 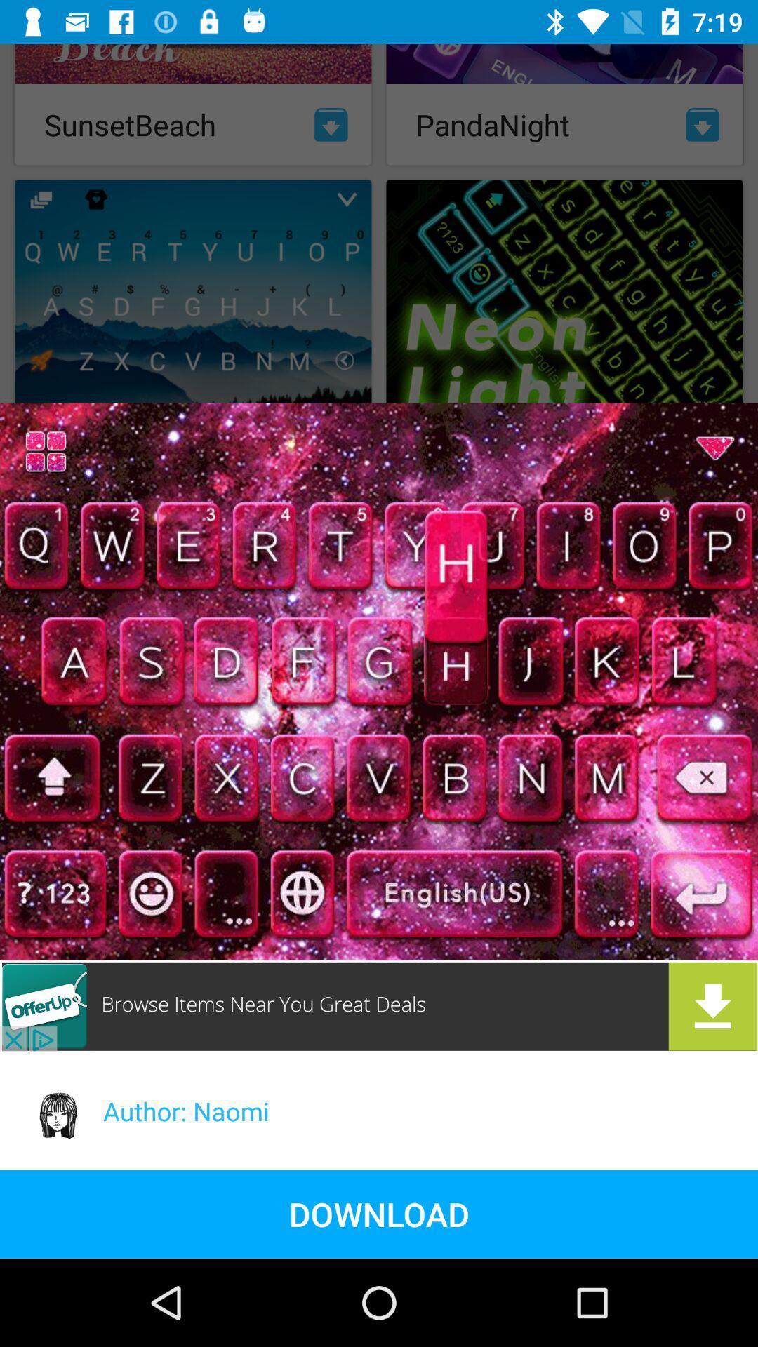 I want to click on download, so click(x=379, y=1005).